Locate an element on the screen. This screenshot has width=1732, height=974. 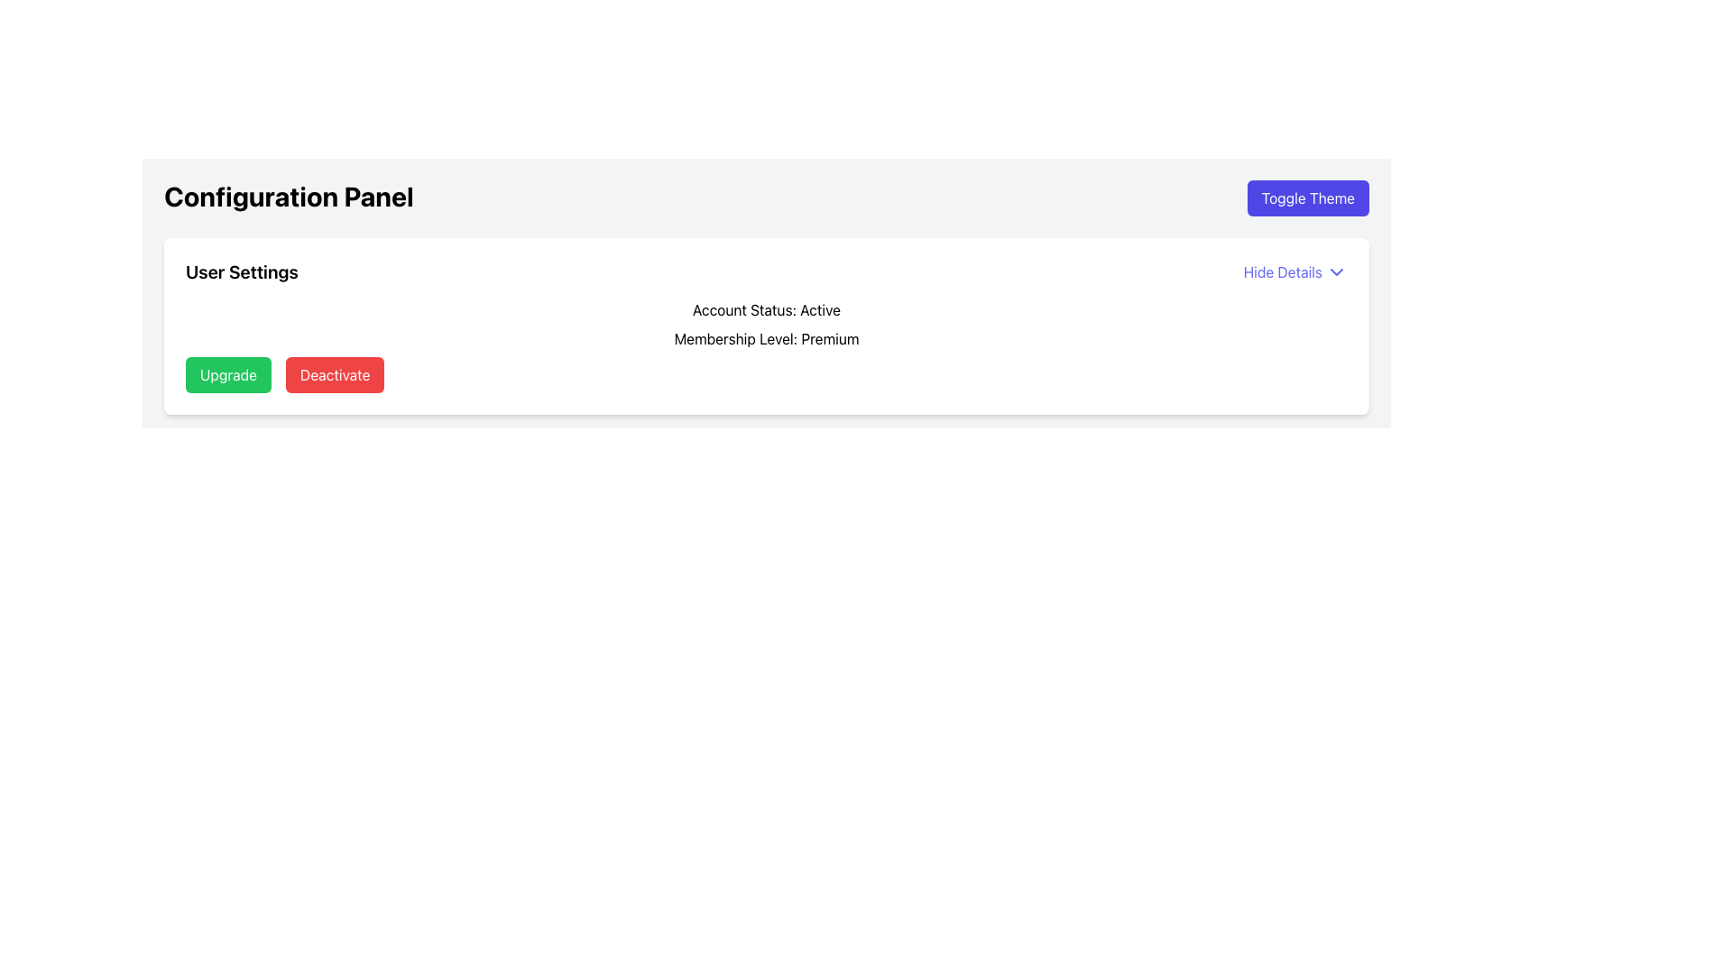
the Dropdown toggle chevron located to the immediate right of the 'Hide Details' text near the upper-right section of a card-like component within a configuration panel is located at coordinates (1337, 271).